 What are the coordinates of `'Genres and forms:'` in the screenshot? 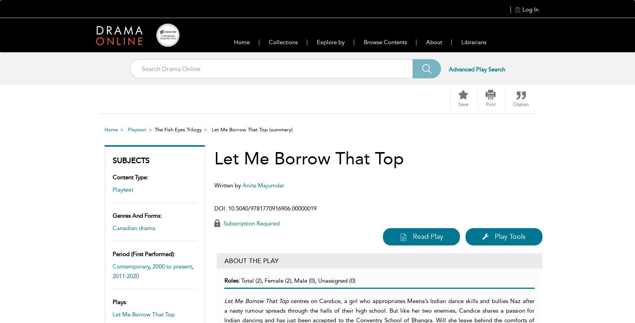 It's located at (136, 216).